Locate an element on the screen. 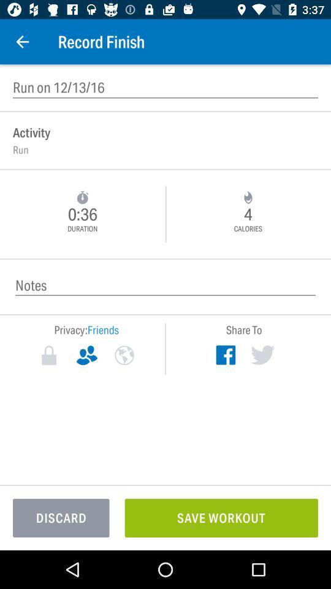 Image resolution: width=331 pixels, height=589 pixels. the twitter icon is located at coordinates (262, 355).